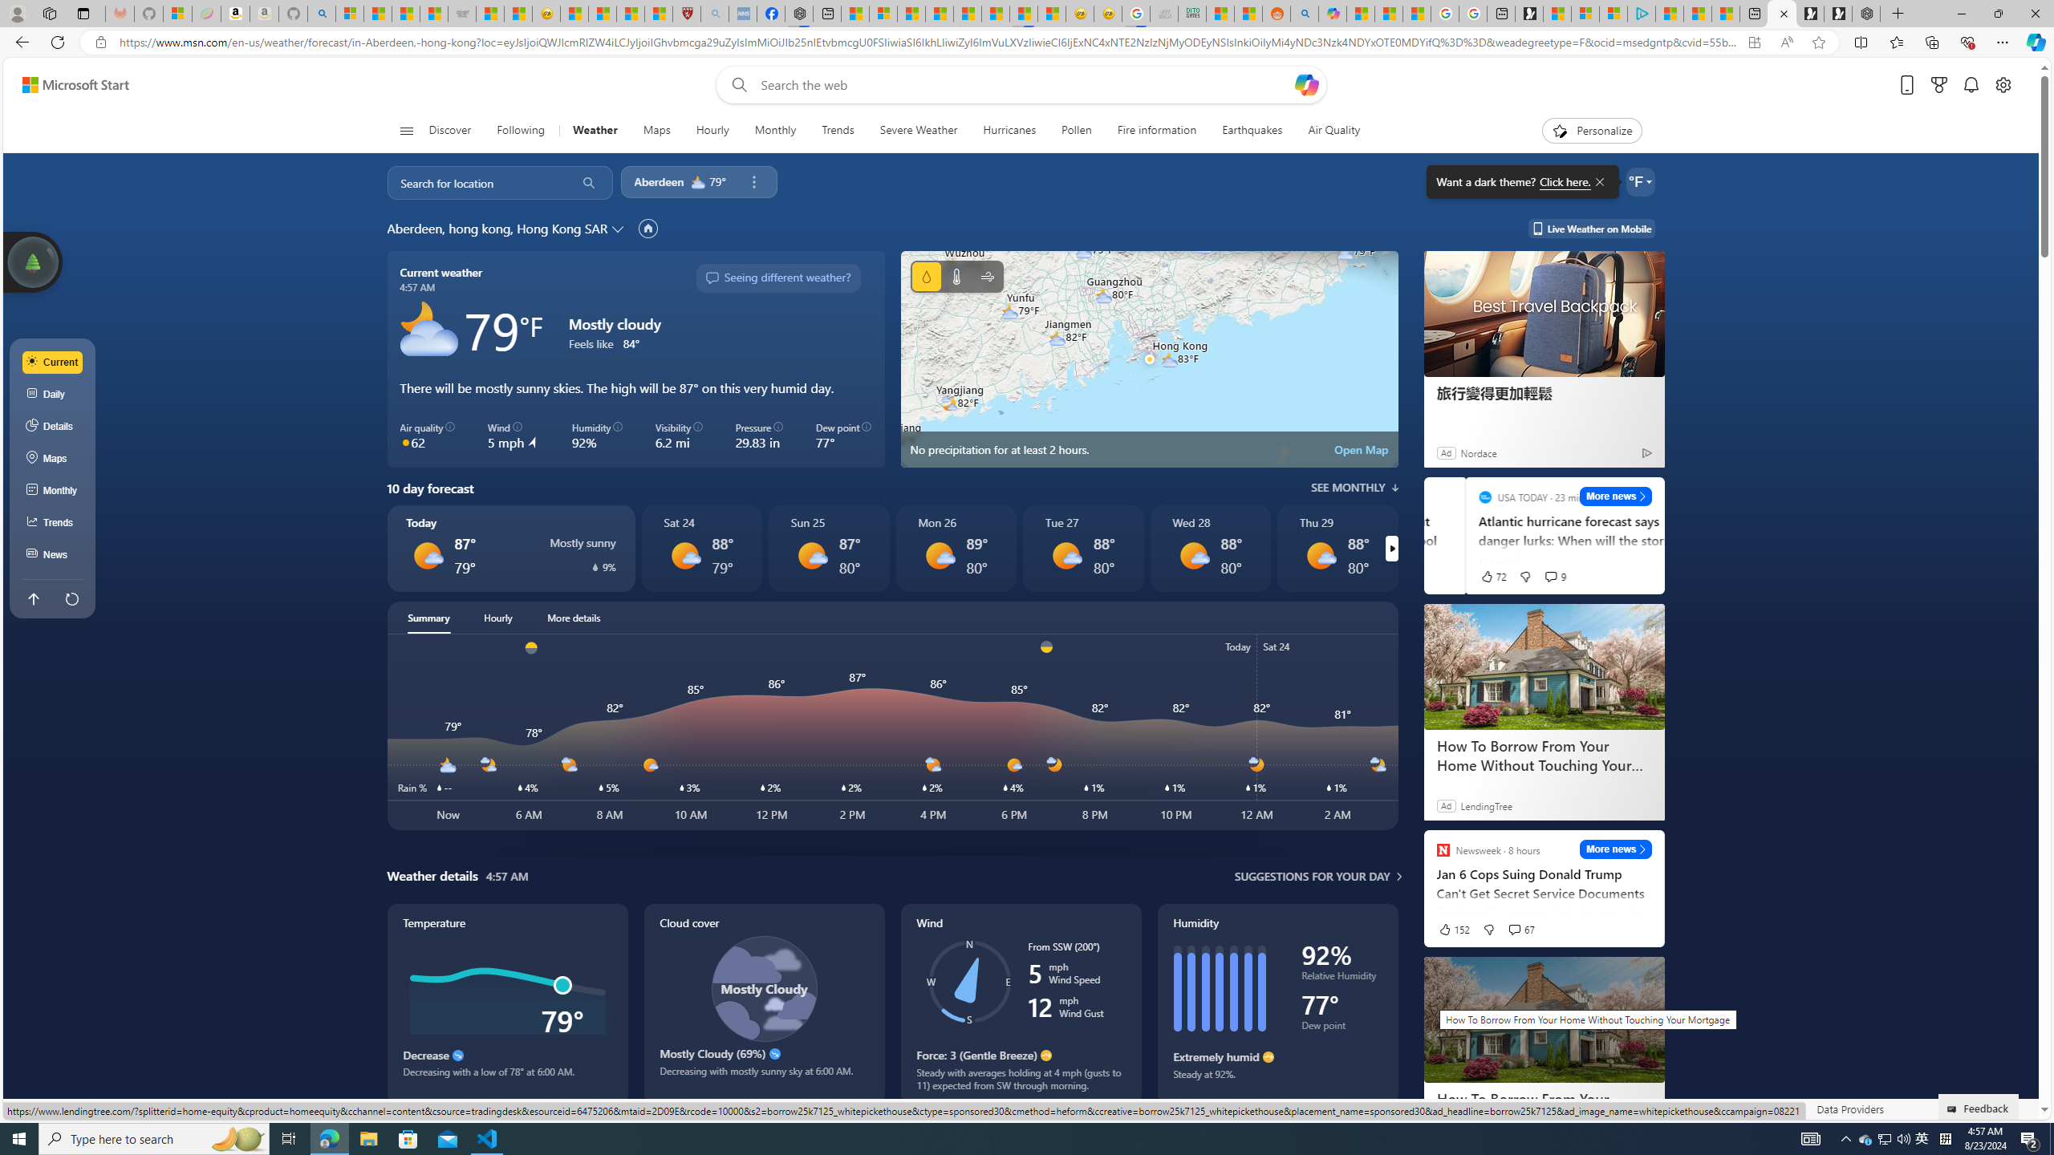  Describe the element at coordinates (1333, 130) in the screenshot. I see `'Air Quality'` at that location.